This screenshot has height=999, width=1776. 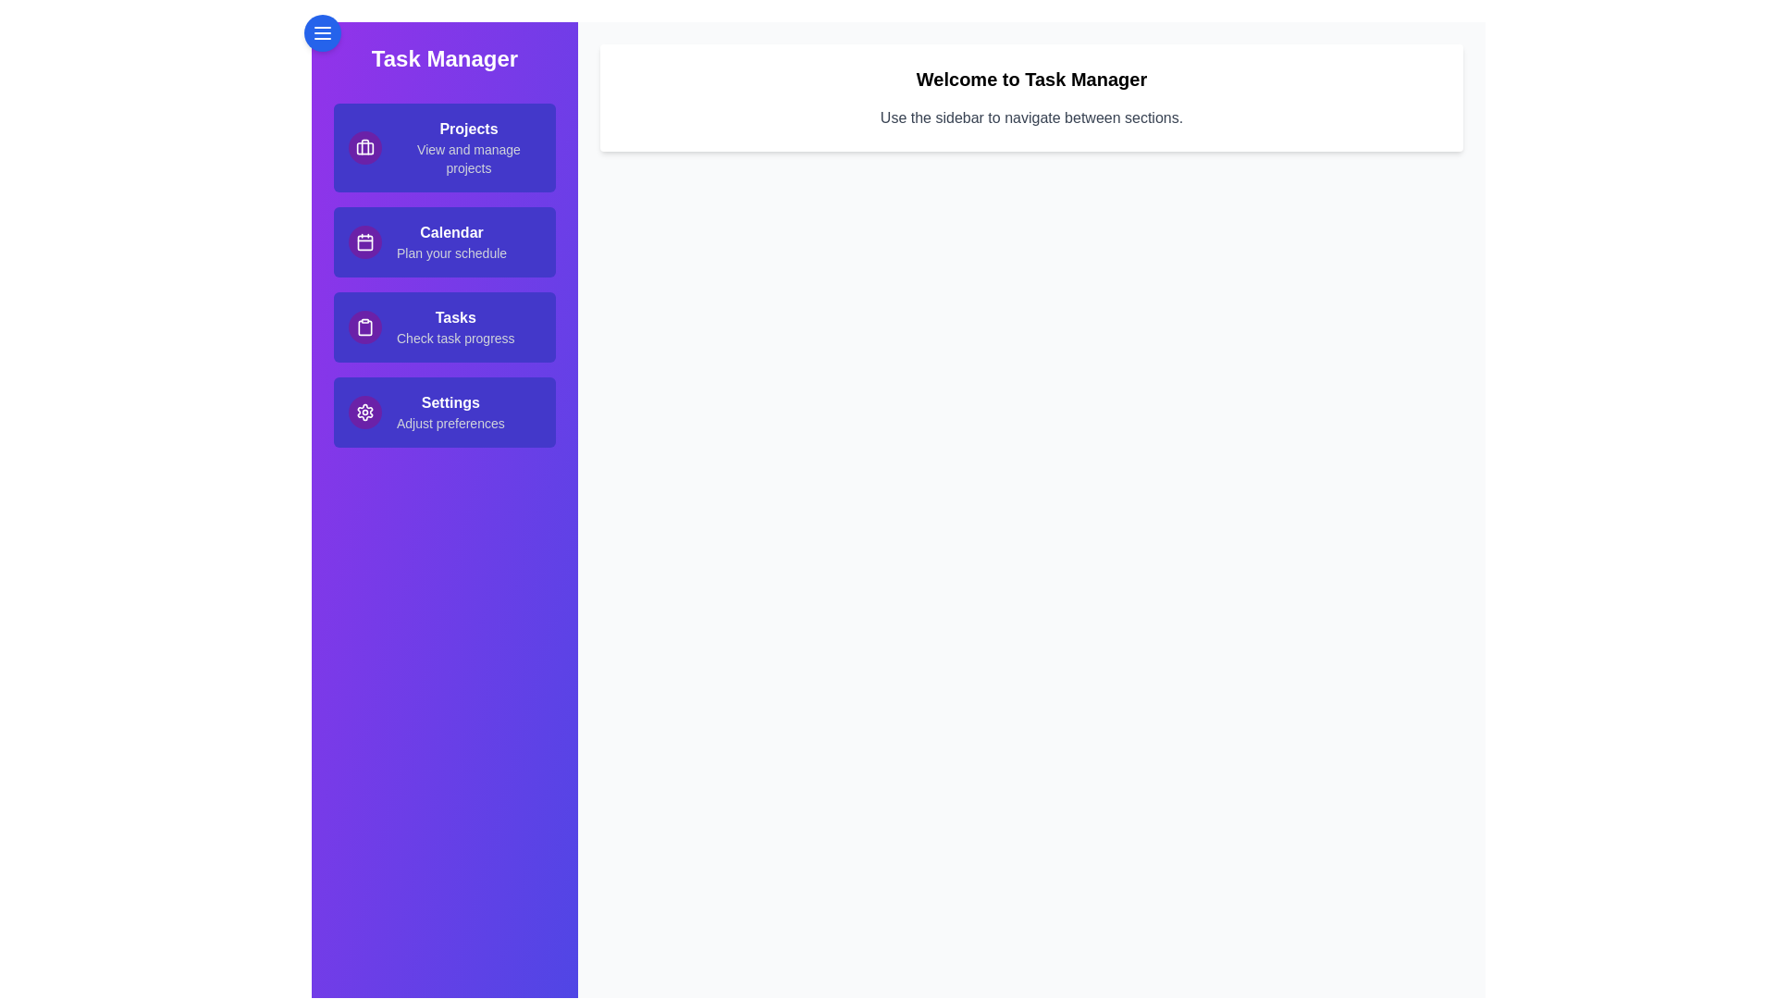 I want to click on the sidebar item Calendar to reveal its hover effect, so click(x=444, y=241).